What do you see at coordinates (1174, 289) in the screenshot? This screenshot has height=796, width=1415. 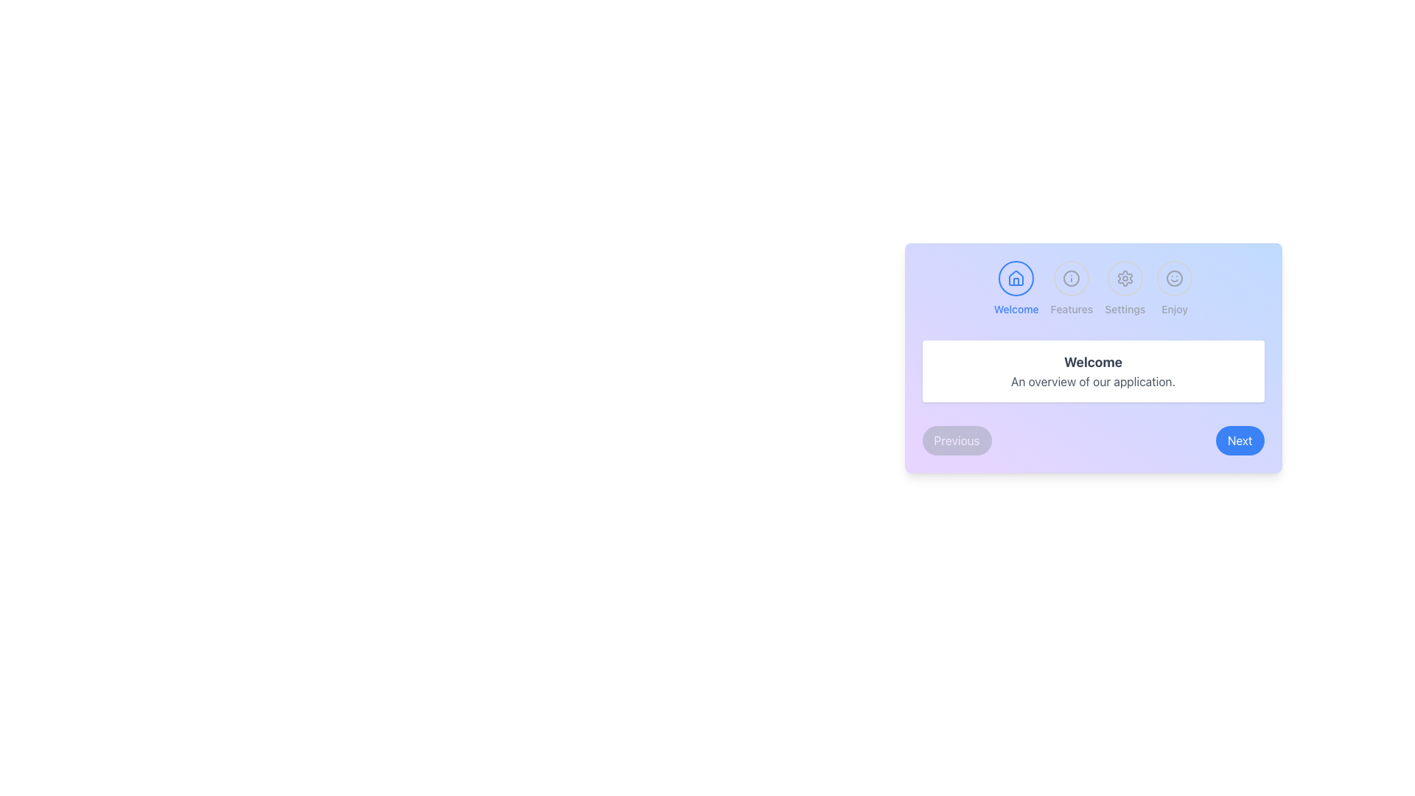 I see `the 'Enjoy' icon with a gray border and a smiling face` at bounding box center [1174, 289].